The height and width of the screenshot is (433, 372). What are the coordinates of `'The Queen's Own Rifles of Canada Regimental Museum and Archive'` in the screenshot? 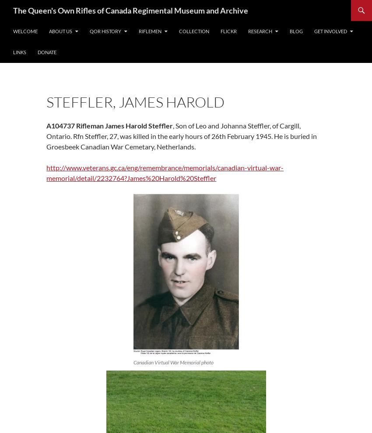 It's located at (13, 10).